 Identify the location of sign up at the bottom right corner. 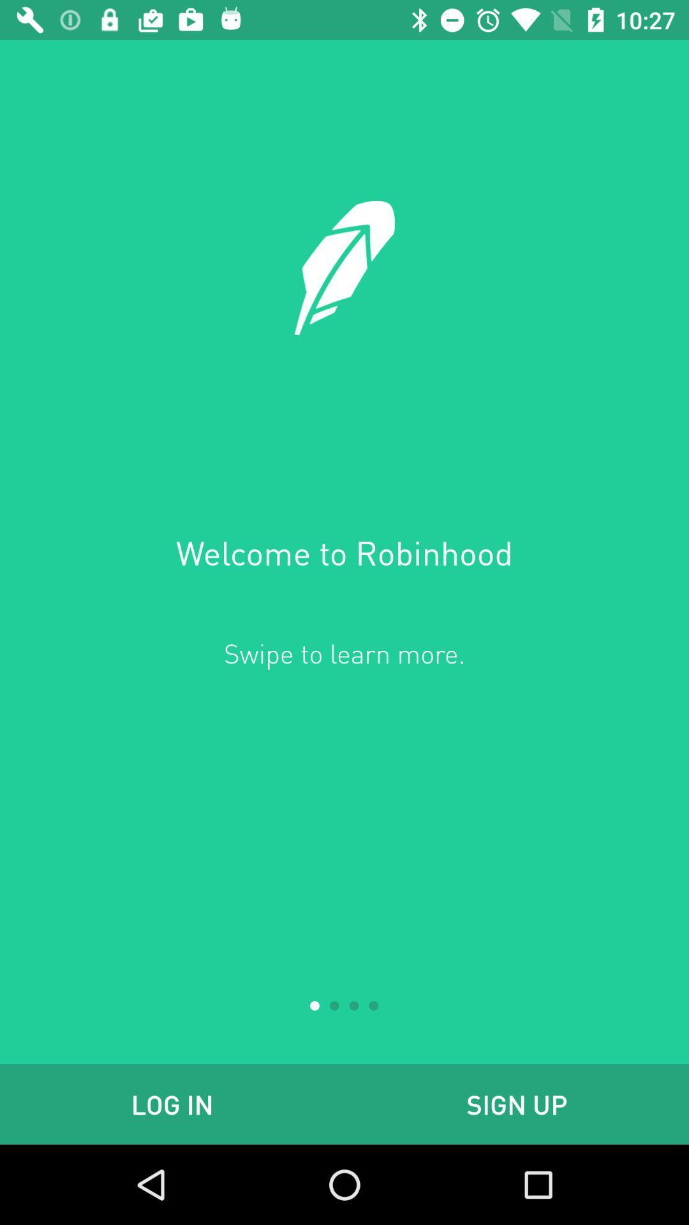
(517, 1104).